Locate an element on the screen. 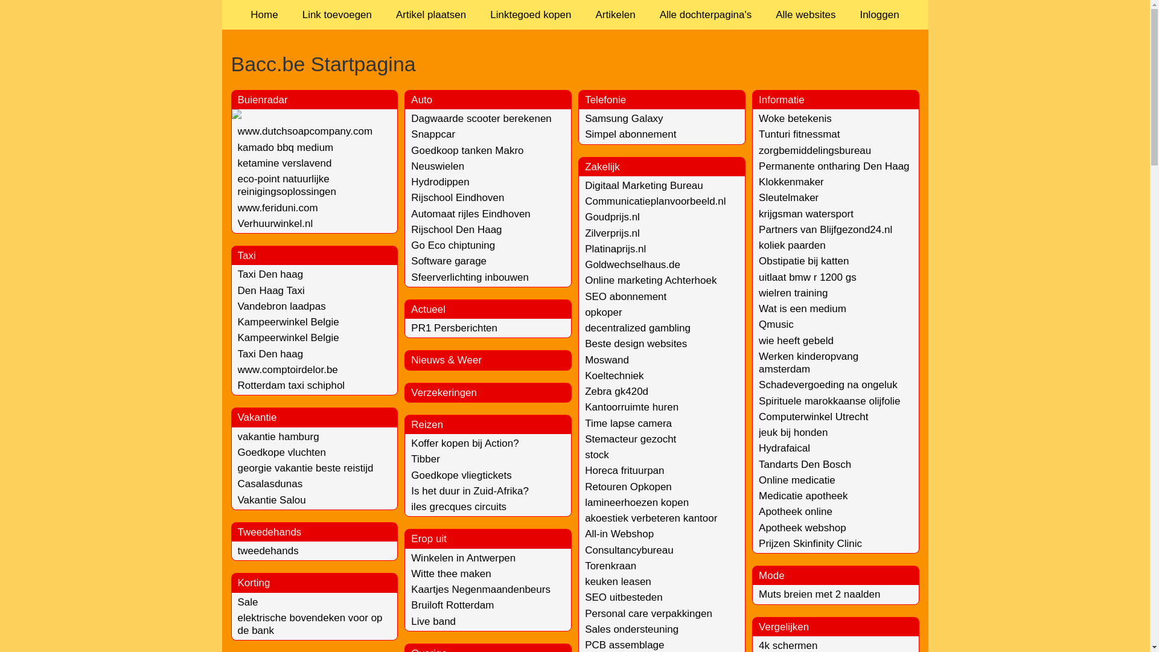 The image size is (1159, 652). 'ketamine verslavend' is located at coordinates (284, 163).